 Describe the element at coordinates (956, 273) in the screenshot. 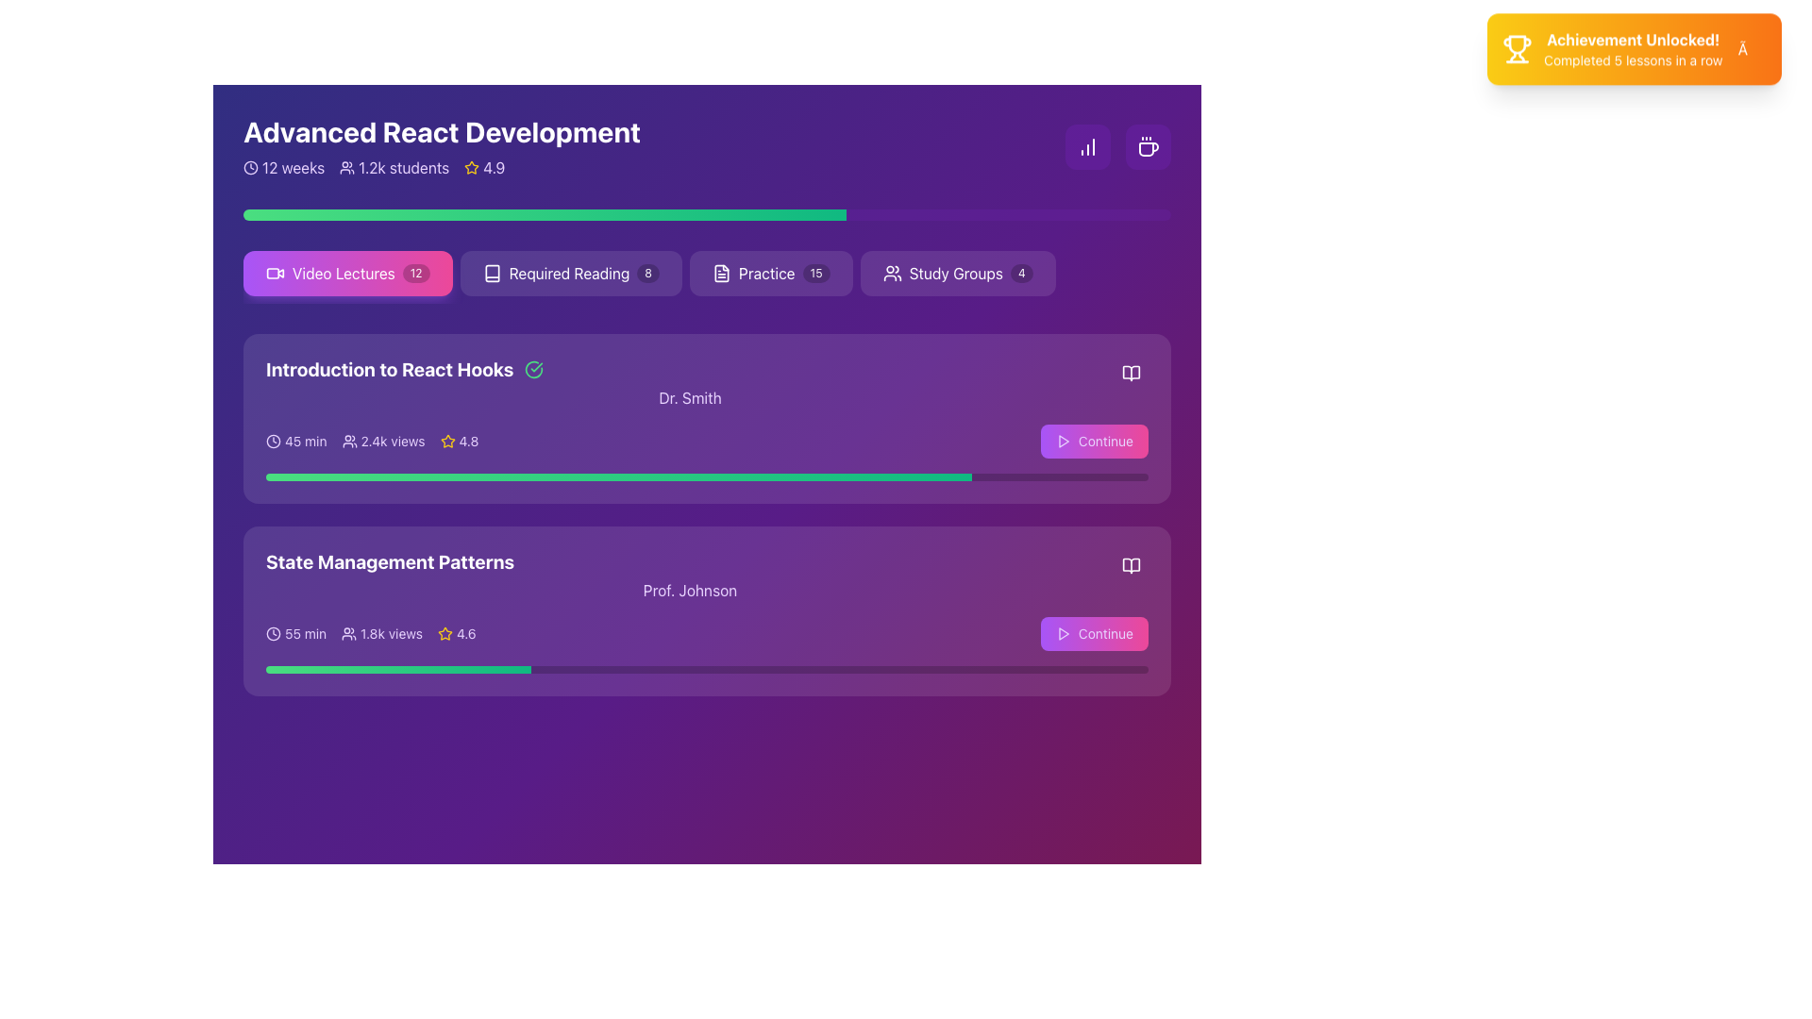

I see `the 'Study Groups' text label, which is the fourth item in a horizontal layout of sections including 'Video Lectures', 'Required Reading', and 'Practice', displayed in white font on a semi-transparent white over purple background` at that location.